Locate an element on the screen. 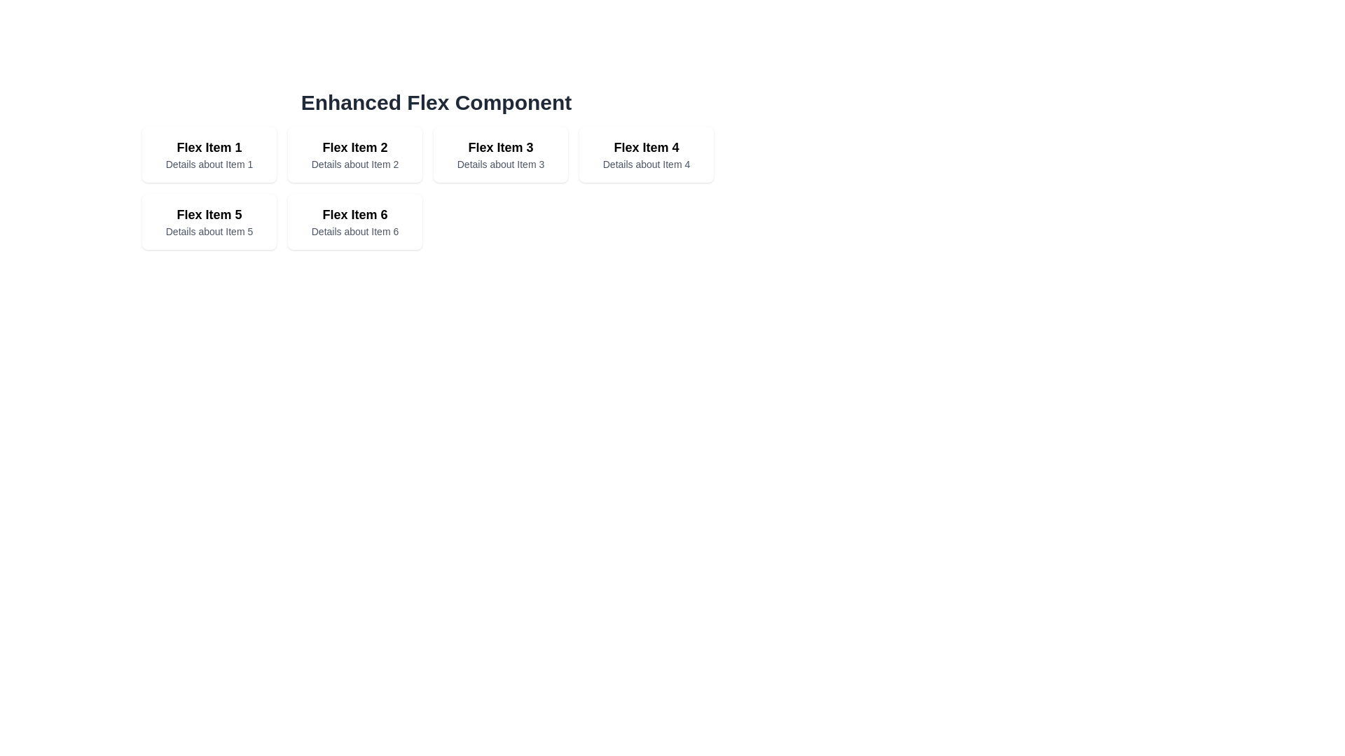 The image size is (1345, 756). keyboard navigation is located at coordinates (355, 231).